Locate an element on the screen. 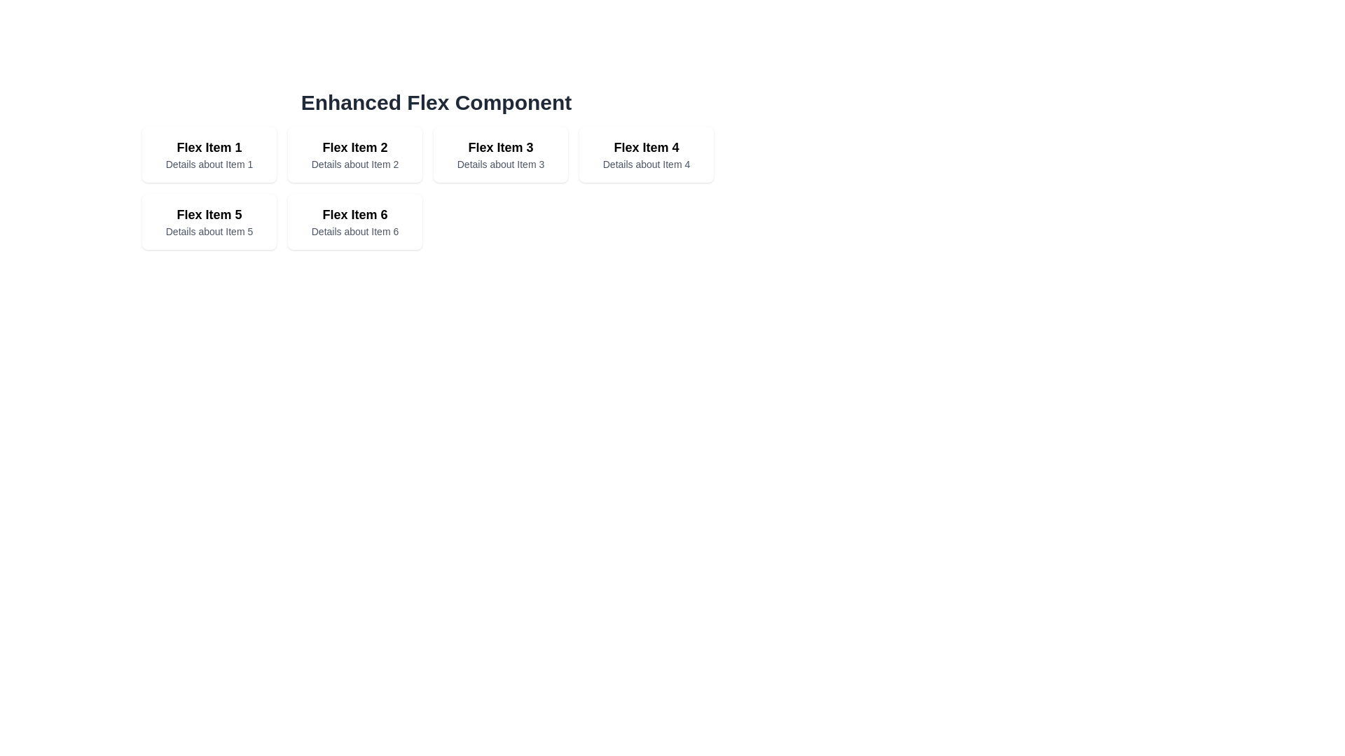 The image size is (1345, 756). keyboard navigation is located at coordinates (355, 231).